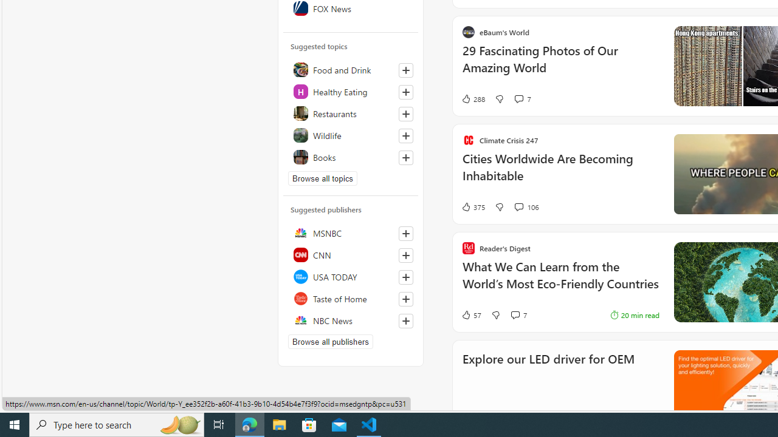 The width and height of the screenshot is (778, 437). I want to click on 'Books', so click(350, 156).